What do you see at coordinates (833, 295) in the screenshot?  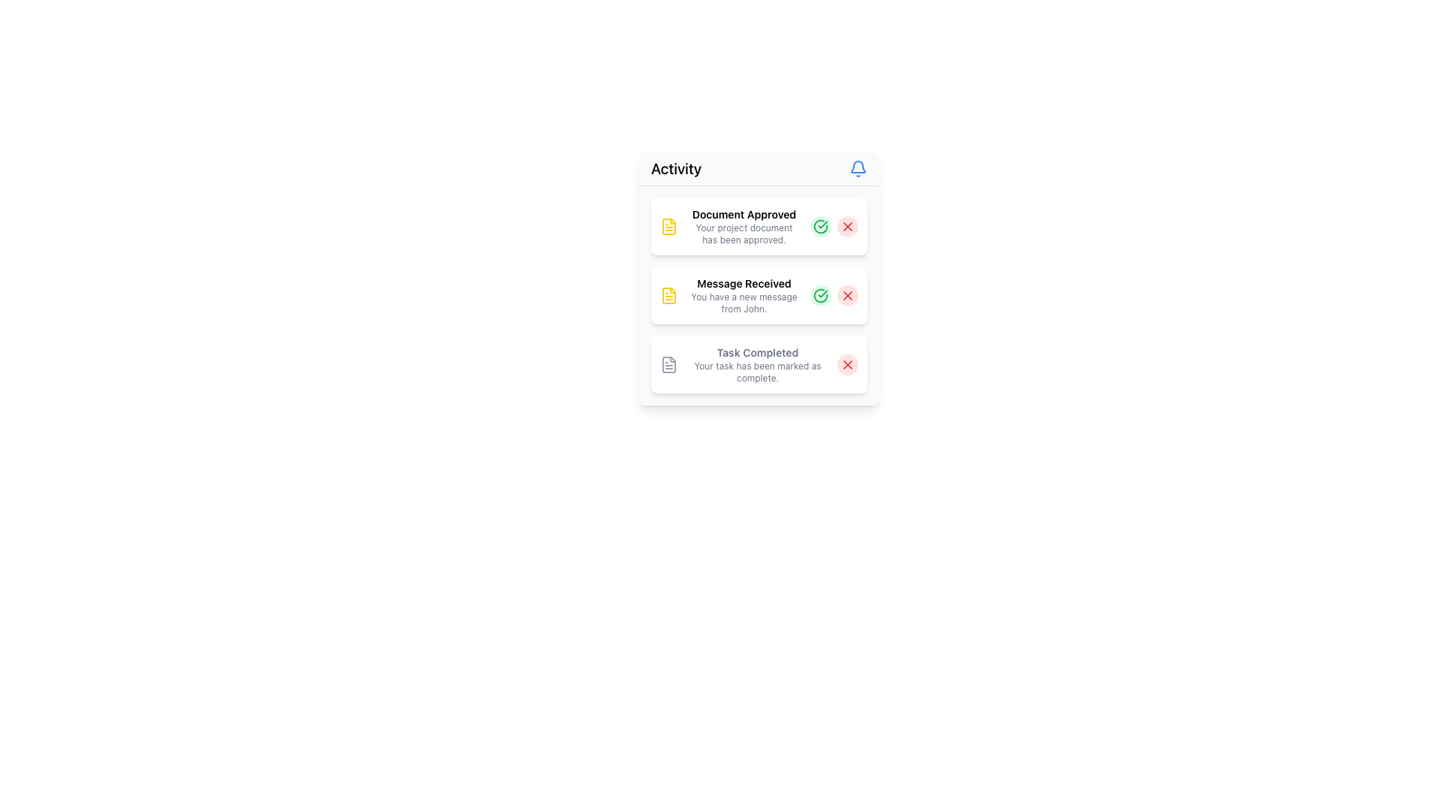 I see `the grouped UI element containing two interactive buttons, which includes a green checkmark button and a red cross button` at bounding box center [833, 295].